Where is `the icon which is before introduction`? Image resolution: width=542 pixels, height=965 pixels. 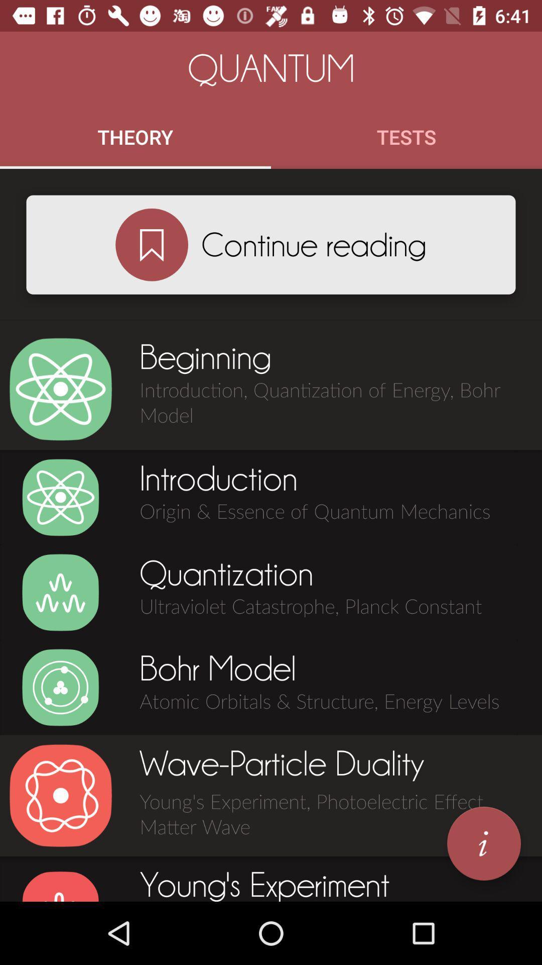 the icon which is before introduction is located at coordinates (60, 497).